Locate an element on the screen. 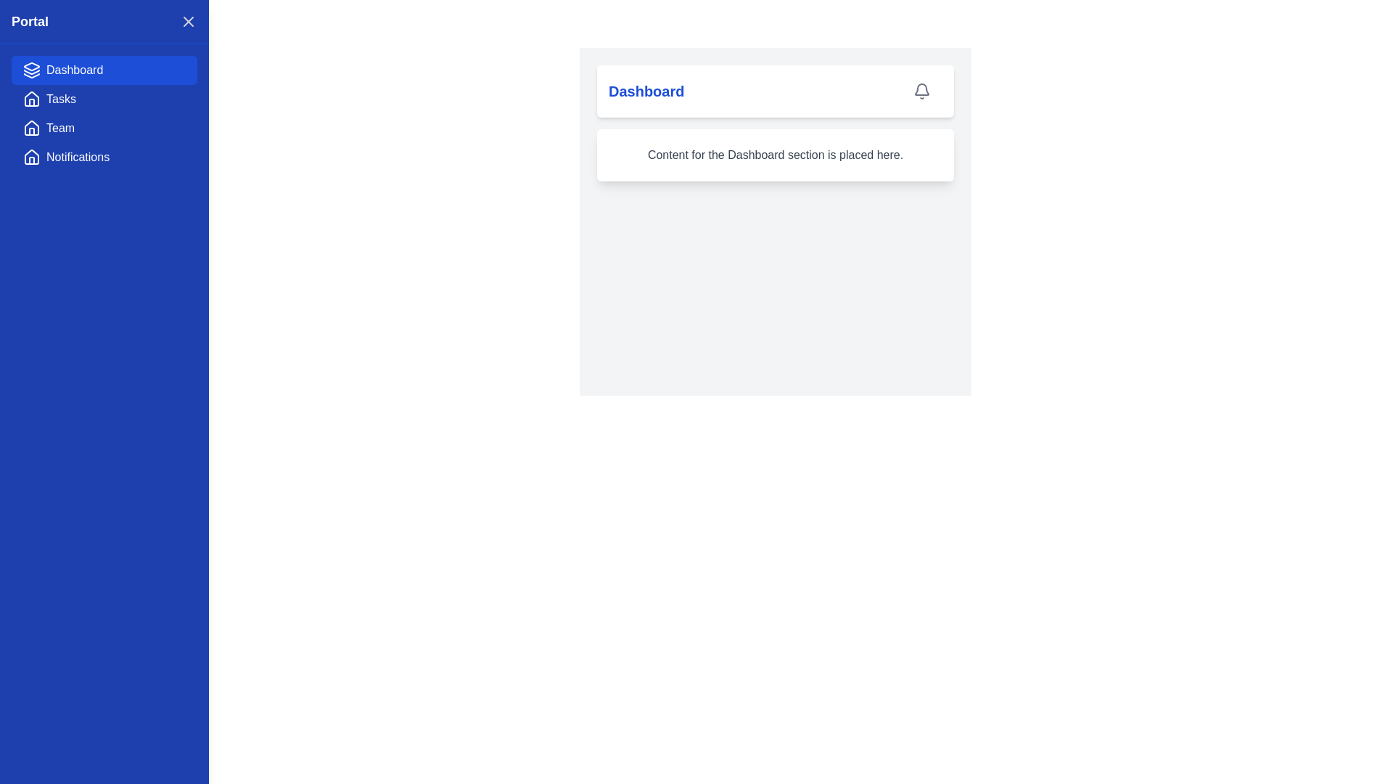 Image resolution: width=1393 pixels, height=784 pixels. the 'Dashboard' icon located in the sidebar menu, which serves as a visual representation for quick recognition of the Dashboard menu item is located at coordinates (31, 70).